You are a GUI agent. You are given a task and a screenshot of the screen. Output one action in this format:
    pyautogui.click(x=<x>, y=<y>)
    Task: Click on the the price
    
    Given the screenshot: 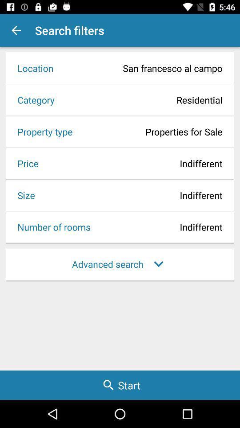 What is the action you would take?
    pyautogui.click(x=25, y=163)
    